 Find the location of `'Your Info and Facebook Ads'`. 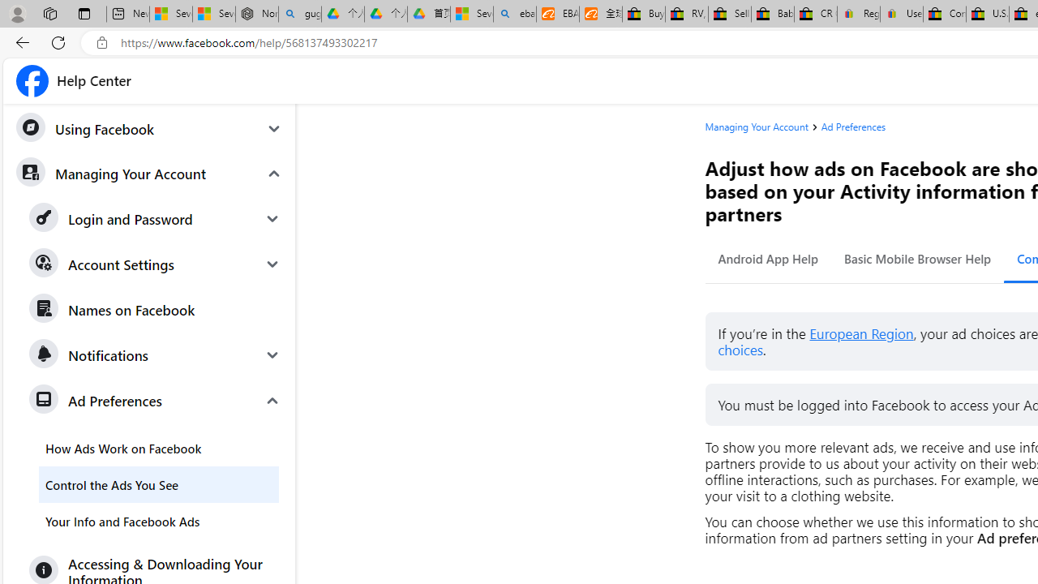

'Your Info and Facebook Ads' is located at coordinates (159, 521).